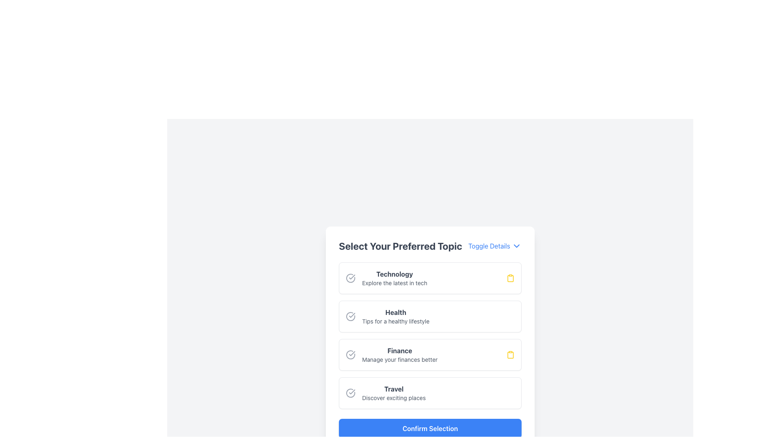 This screenshot has width=783, height=440. What do you see at coordinates (394, 282) in the screenshot?
I see `text from the Text Label located directly below the 'Technology' heading, which provides supplemental information for the 'Technology' topic` at bounding box center [394, 282].